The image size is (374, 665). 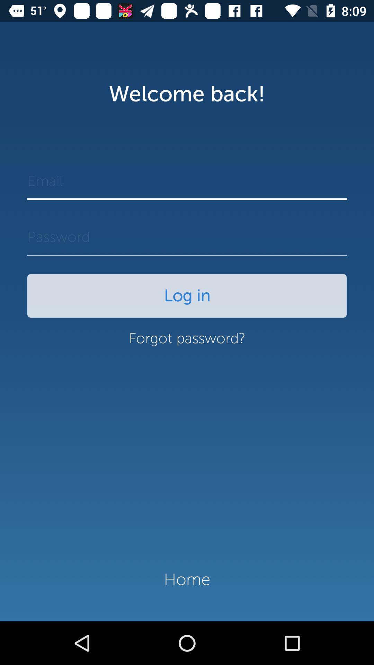 What do you see at coordinates (187, 342) in the screenshot?
I see `the item below the log in` at bounding box center [187, 342].